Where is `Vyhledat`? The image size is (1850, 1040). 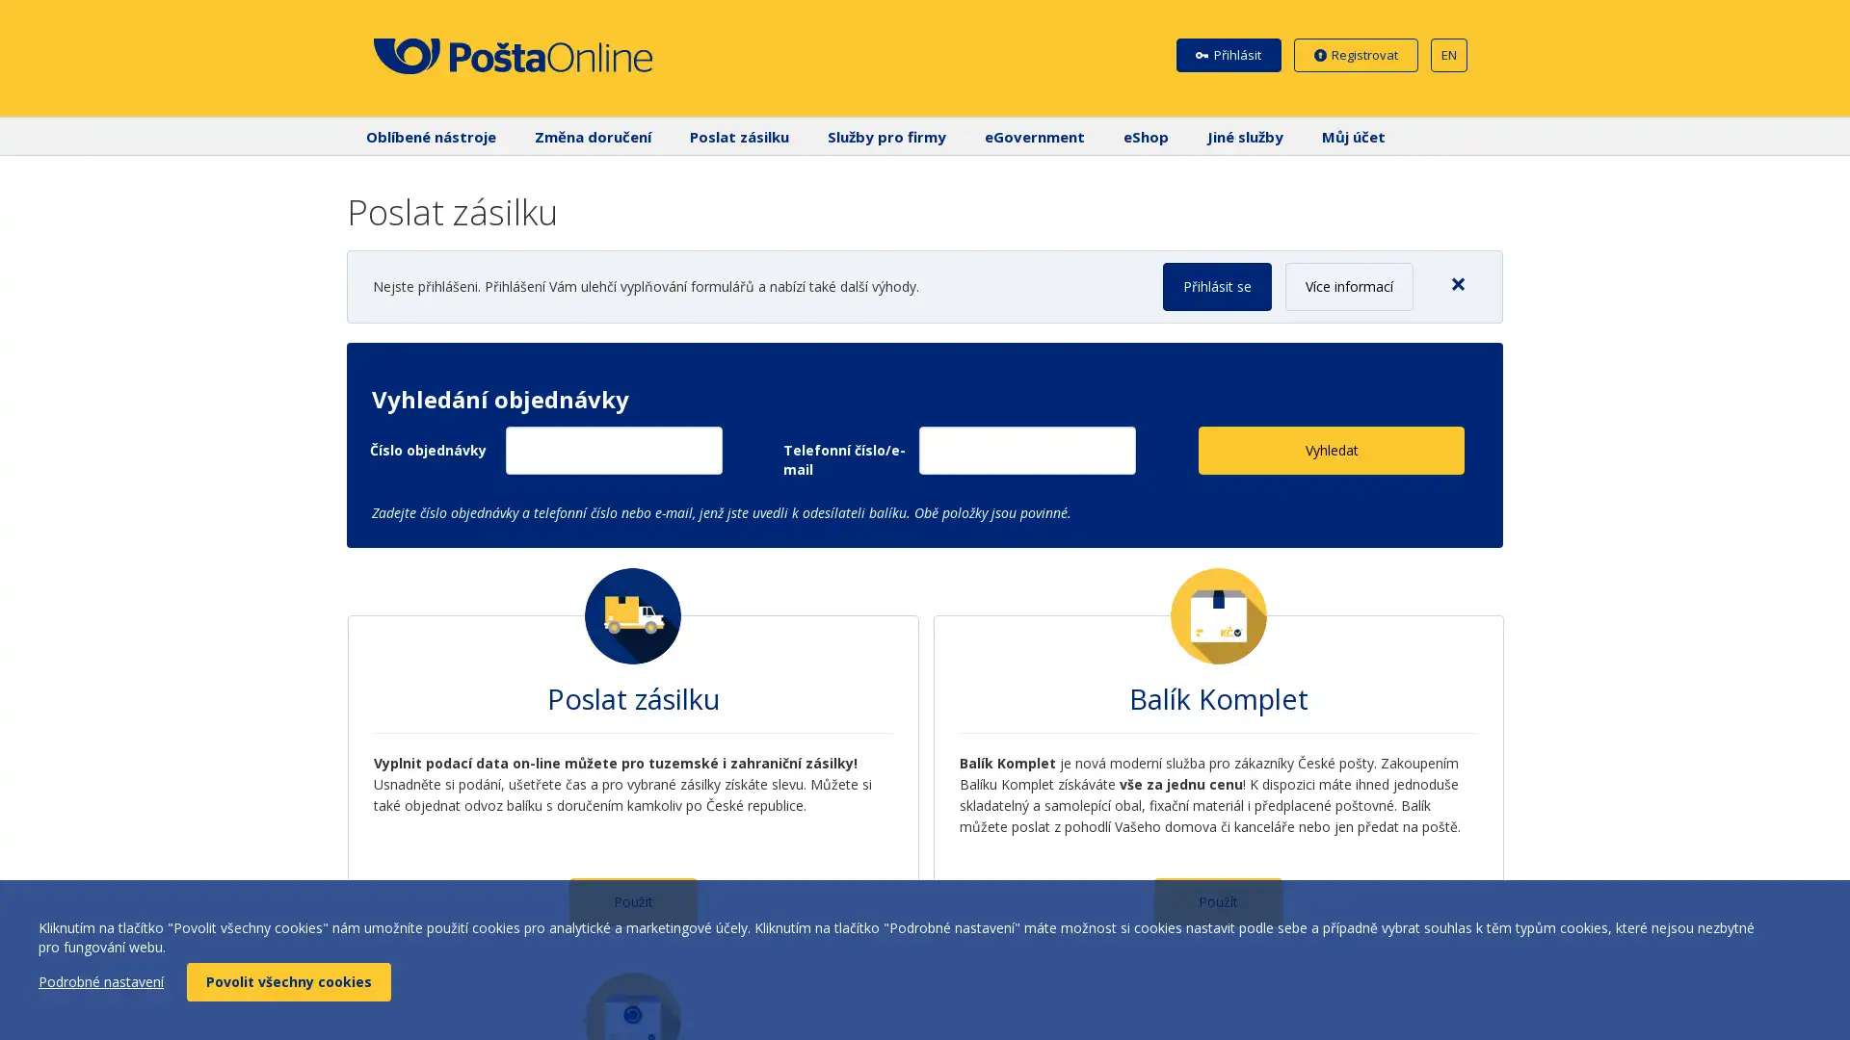 Vyhledat is located at coordinates (1331, 449).